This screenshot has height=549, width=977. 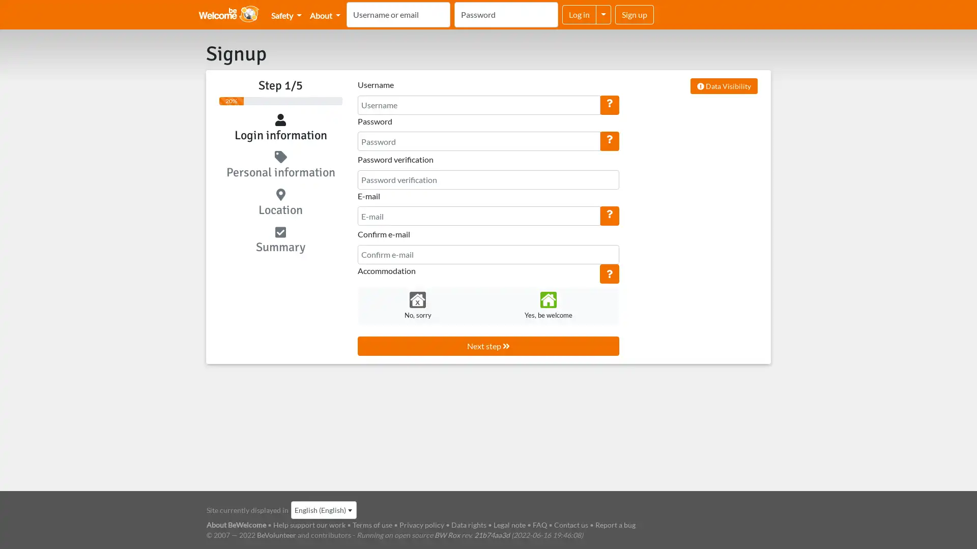 I want to click on Log in, so click(x=579, y=15).